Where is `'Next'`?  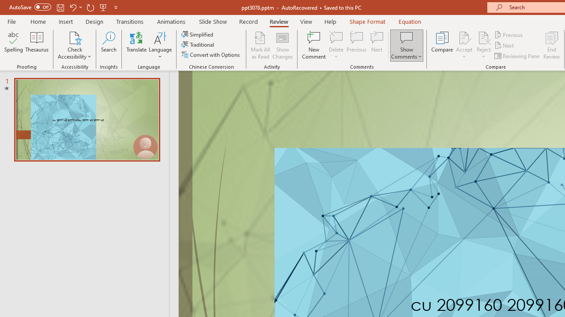
'Next' is located at coordinates (505, 45).